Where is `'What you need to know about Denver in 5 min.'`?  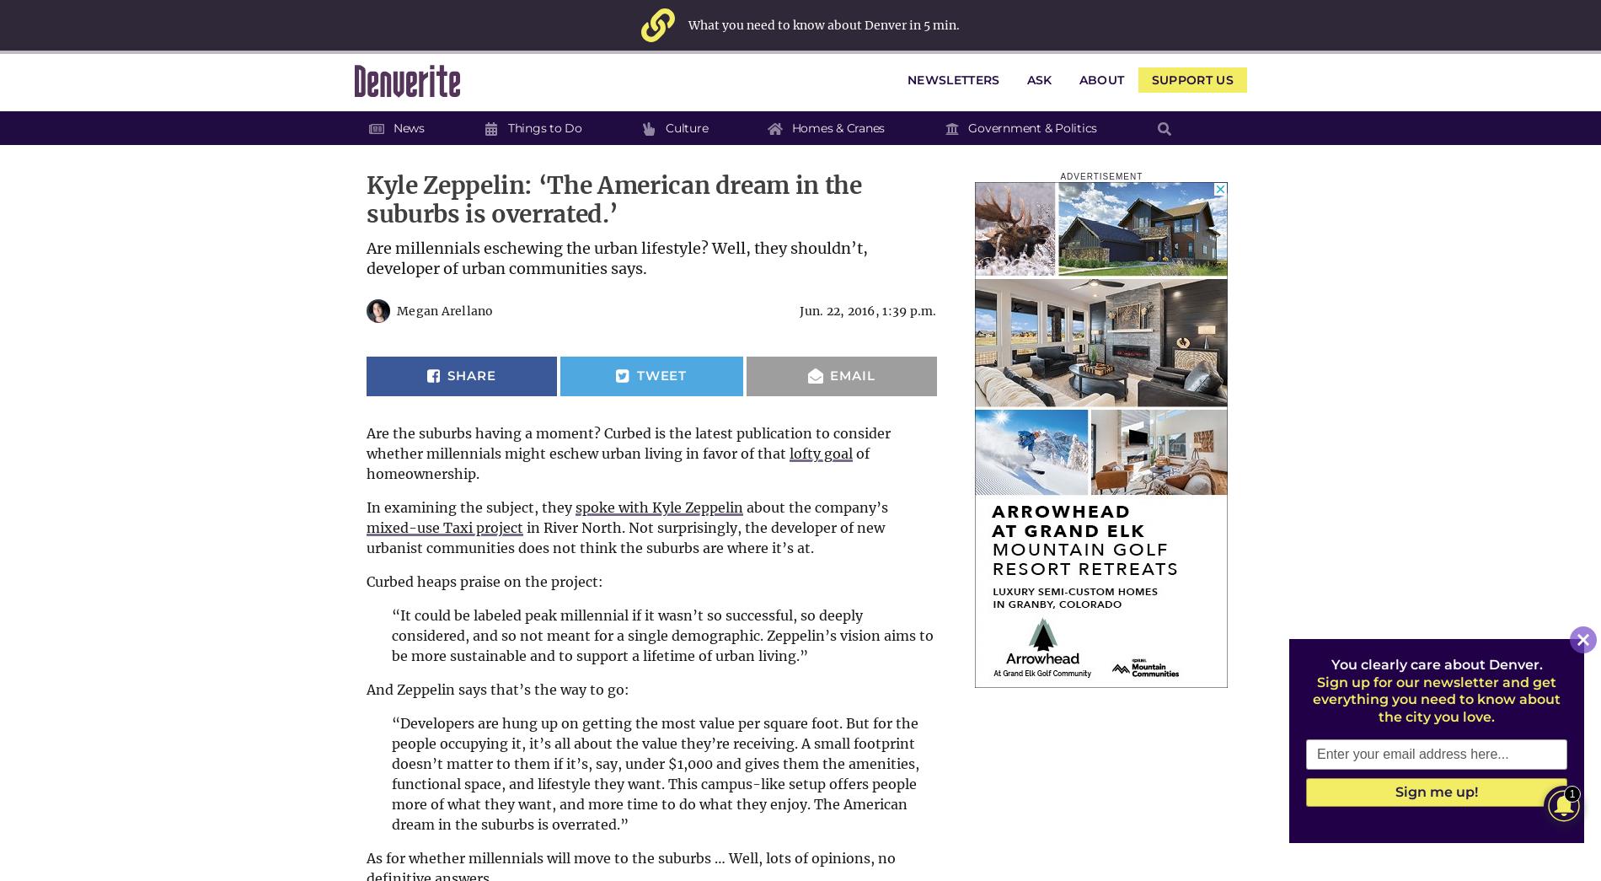 'What you need to know about Denver in 5 min.' is located at coordinates (823, 24).